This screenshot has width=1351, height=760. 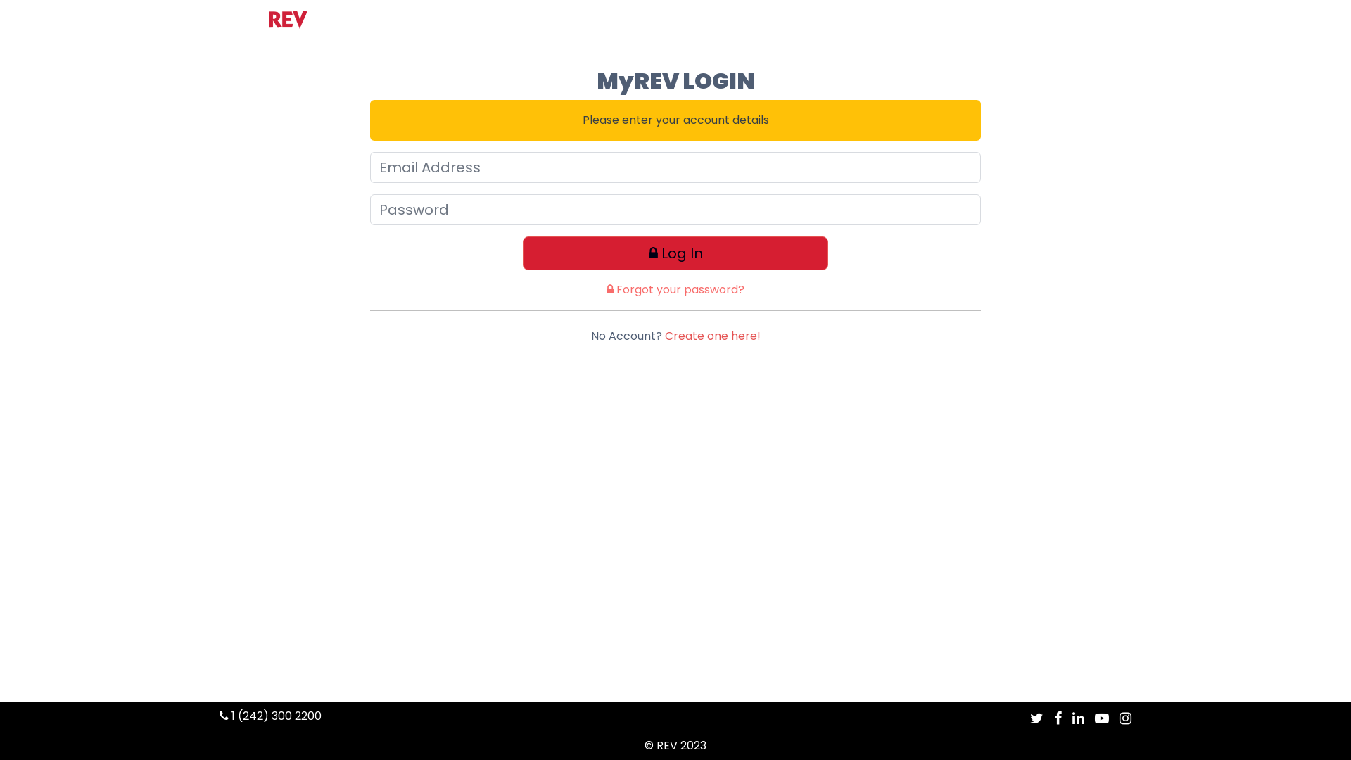 What do you see at coordinates (664, 336) in the screenshot?
I see `'Create one here!'` at bounding box center [664, 336].